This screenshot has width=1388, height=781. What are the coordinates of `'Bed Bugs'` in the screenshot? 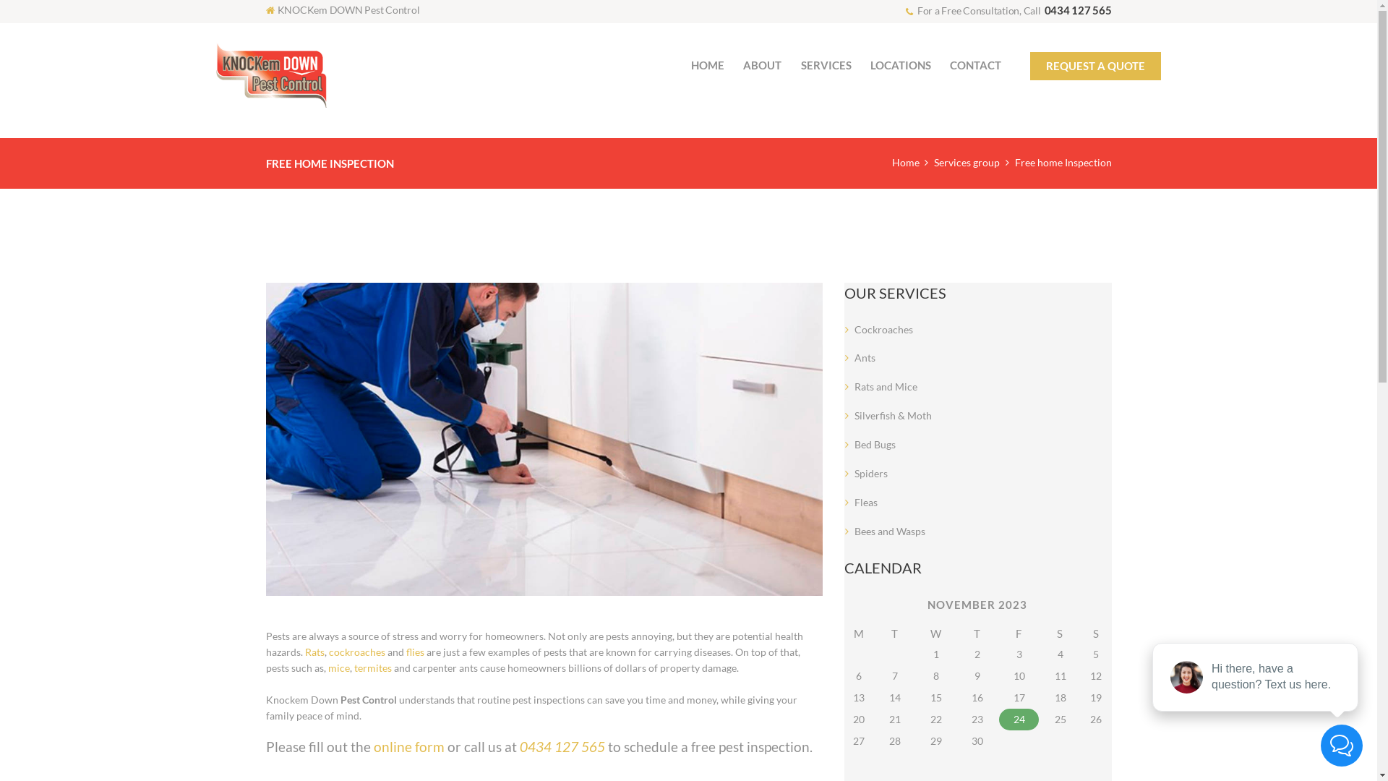 It's located at (874, 443).